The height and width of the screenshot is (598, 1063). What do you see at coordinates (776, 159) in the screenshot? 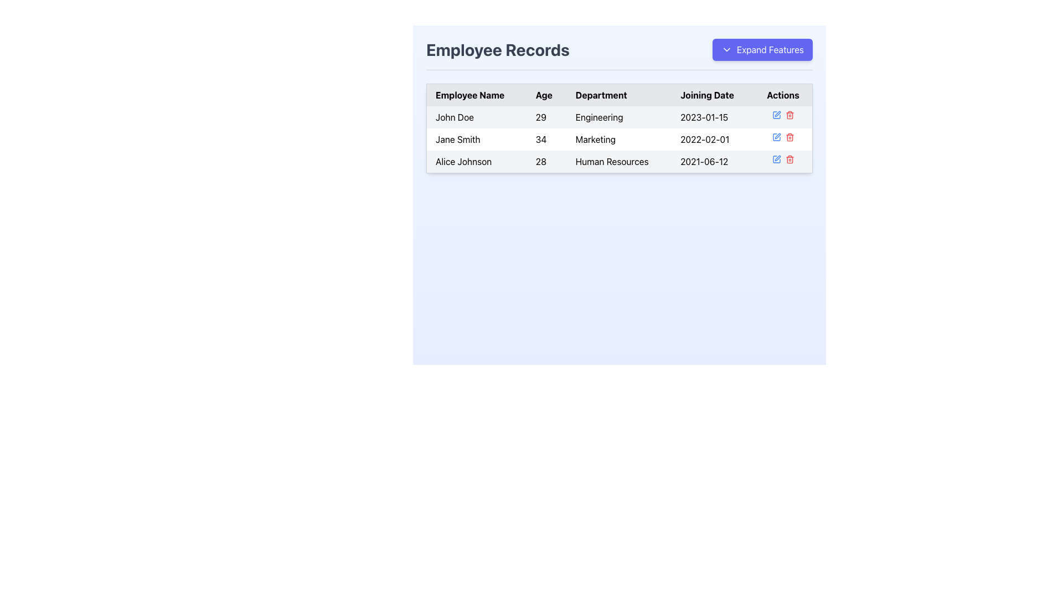
I see `the icon in the rightmost column under 'Actions' in the last row of the table corresponding to 'Human Resources'` at bounding box center [776, 159].